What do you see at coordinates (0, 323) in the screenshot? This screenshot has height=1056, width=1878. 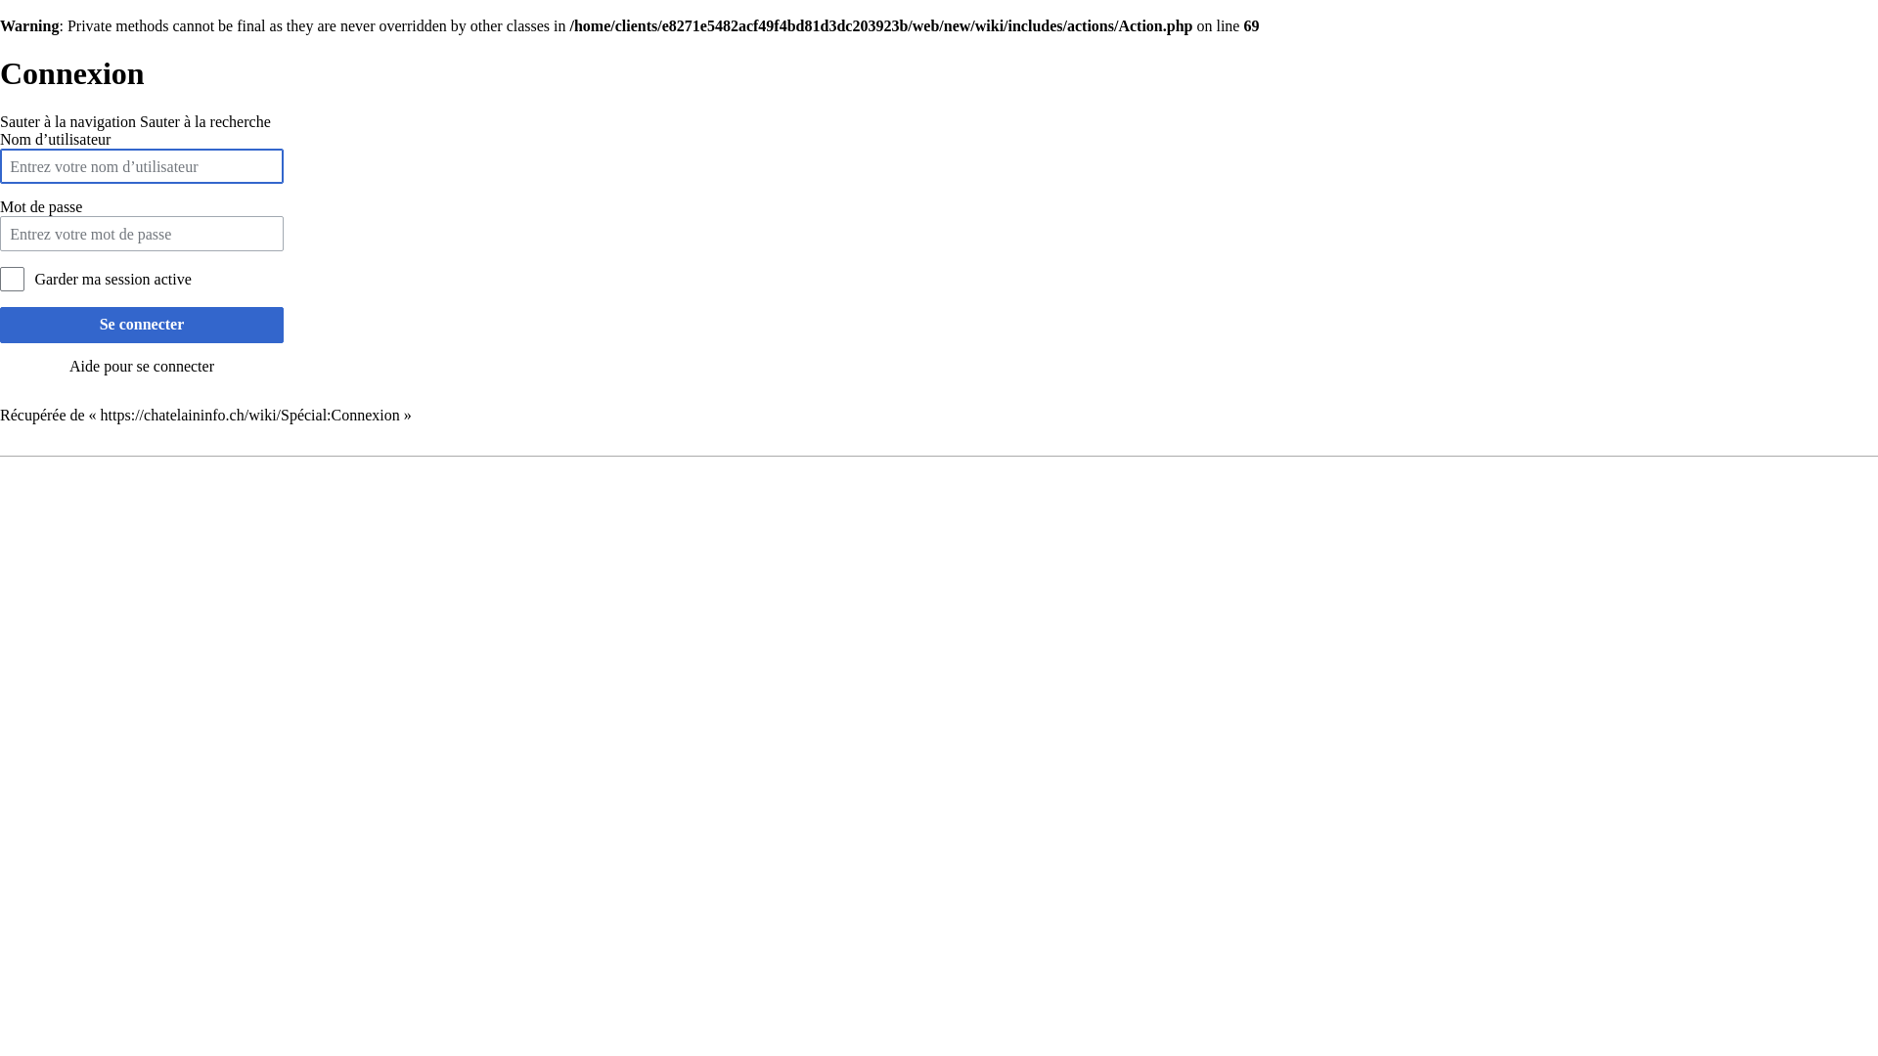 I see `'Se connecter'` at bounding box center [0, 323].